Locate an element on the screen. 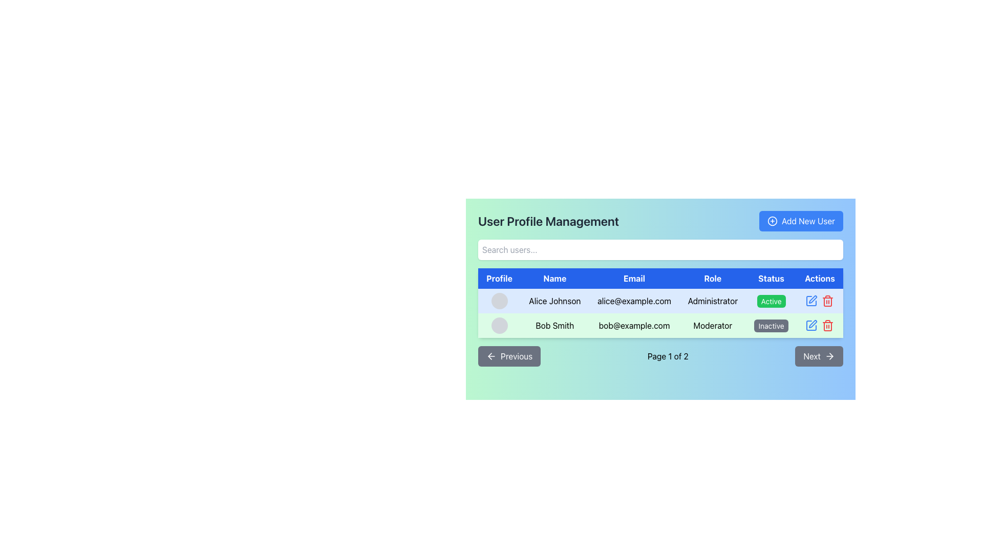  the text label 'Role' in the header row of the table is located at coordinates (712, 278).